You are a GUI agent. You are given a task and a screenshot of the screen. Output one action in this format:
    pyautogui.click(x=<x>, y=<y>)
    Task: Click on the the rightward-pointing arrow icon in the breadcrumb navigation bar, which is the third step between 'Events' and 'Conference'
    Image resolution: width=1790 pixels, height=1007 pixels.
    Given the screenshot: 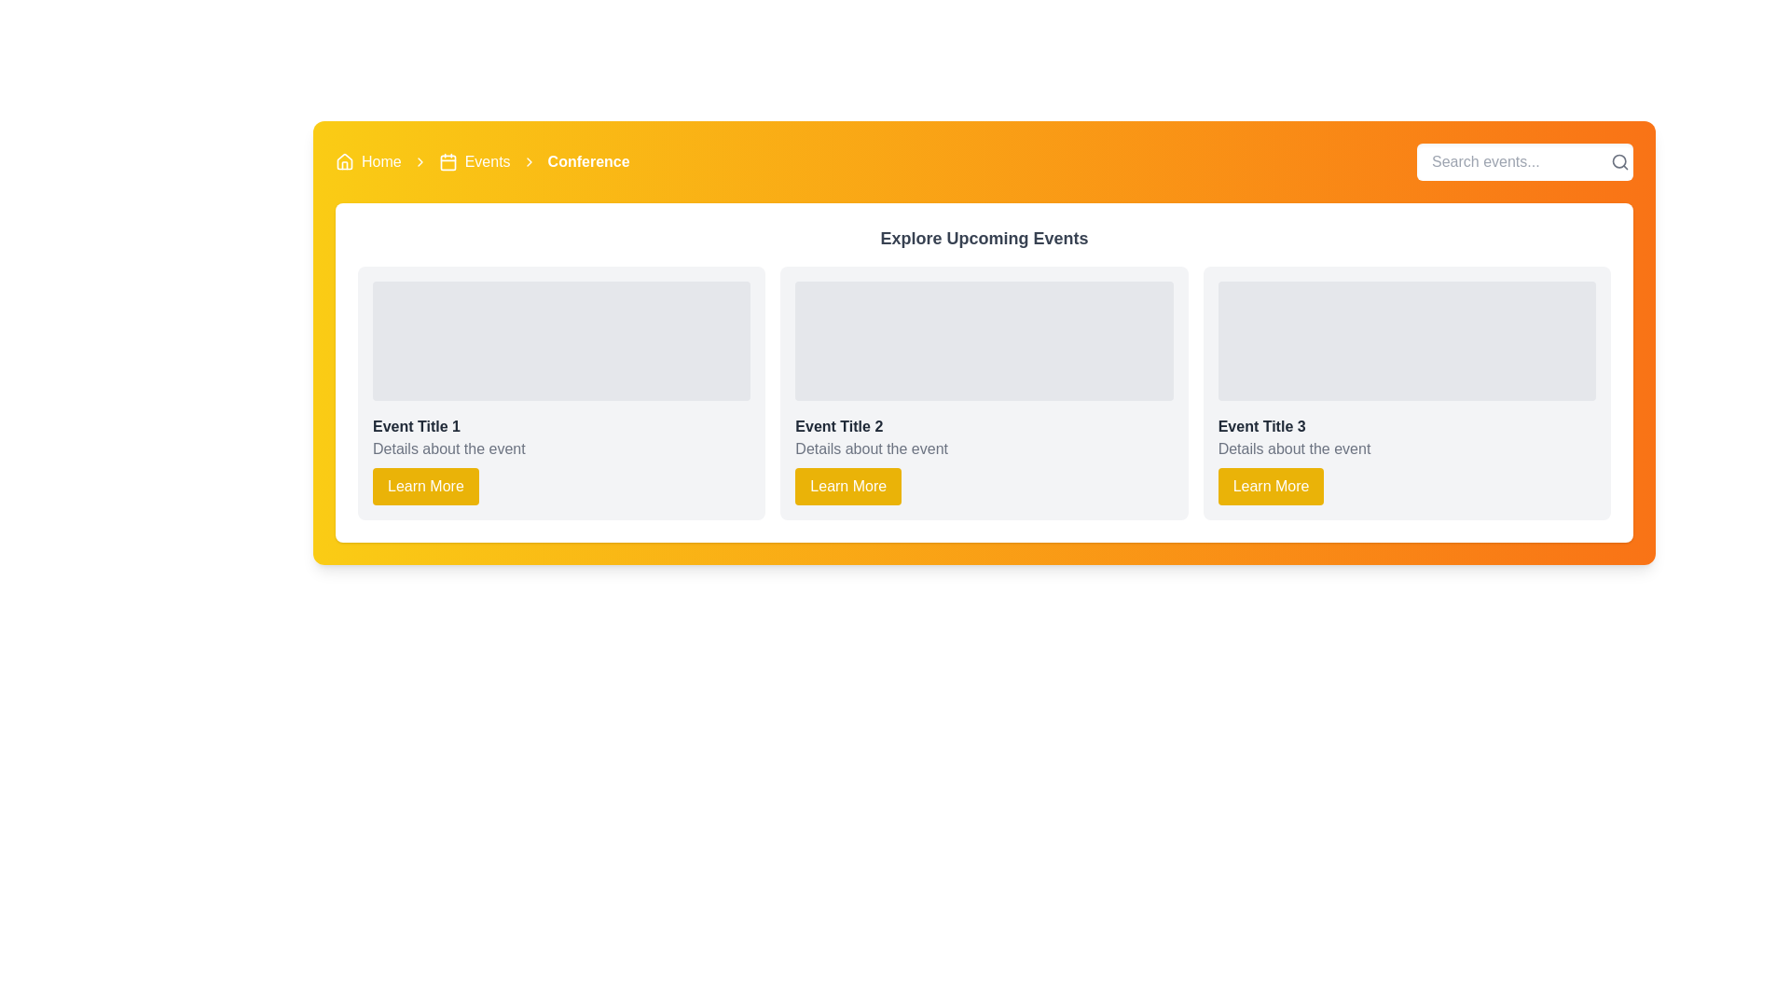 What is the action you would take?
    pyautogui.click(x=528, y=160)
    